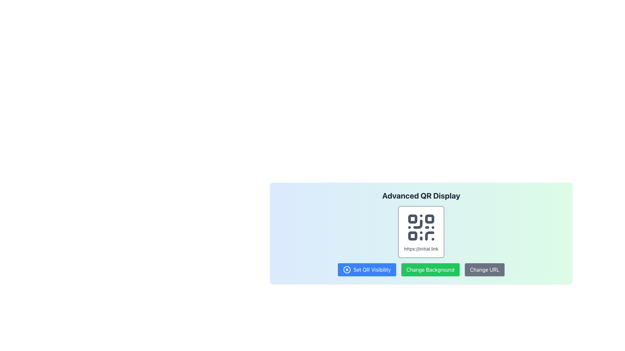  Describe the element at coordinates (430, 219) in the screenshot. I see `the small hollow square with rounded corners located at the top-right corner of the QR code graphic` at that location.